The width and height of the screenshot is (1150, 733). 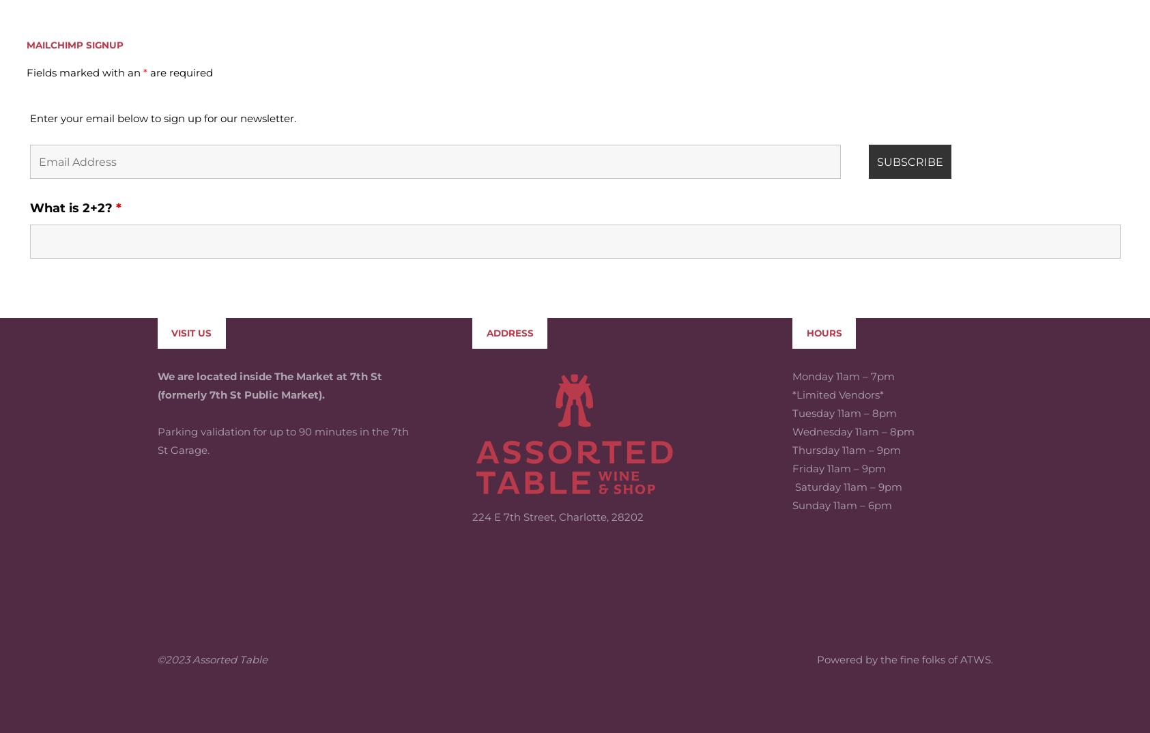 I want to click on 'Hours', so click(x=823, y=231).